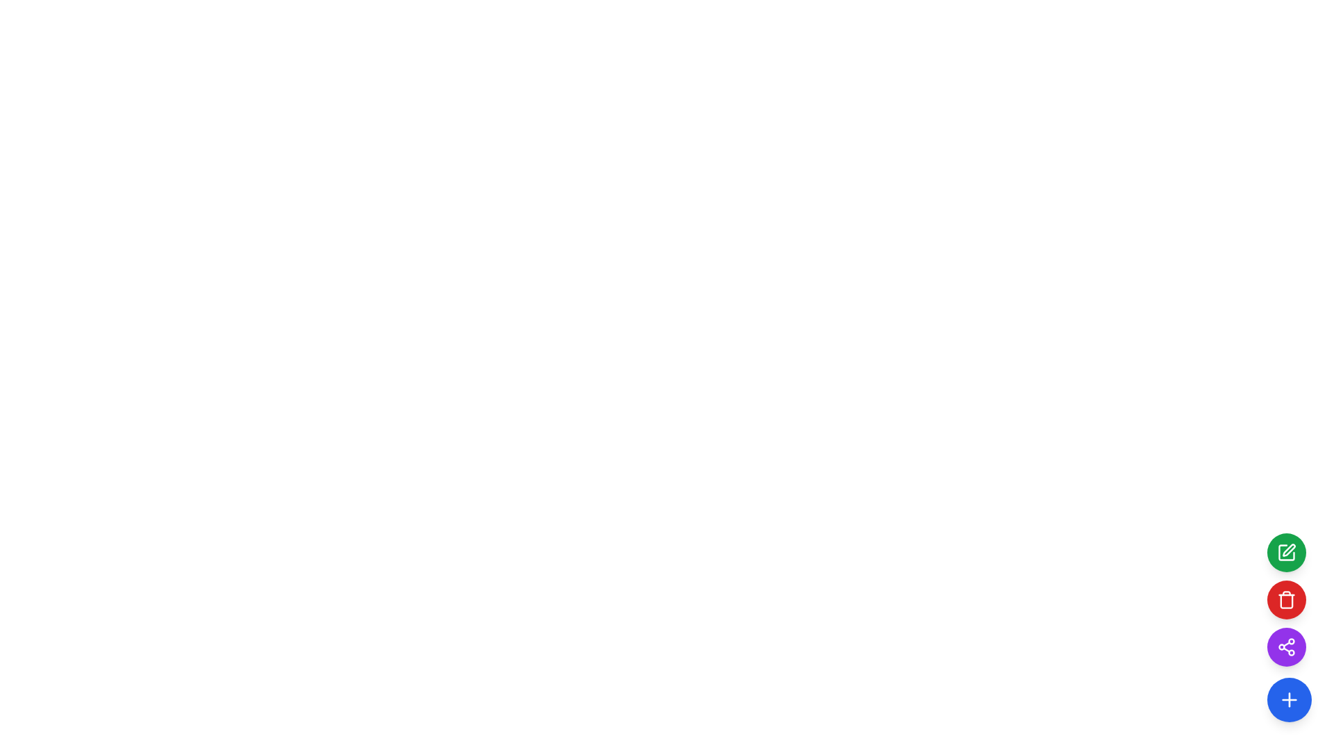  What do you see at coordinates (1286, 551) in the screenshot?
I see `the green circular button at the uppermost position of the vertical stack` at bounding box center [1286, 551].